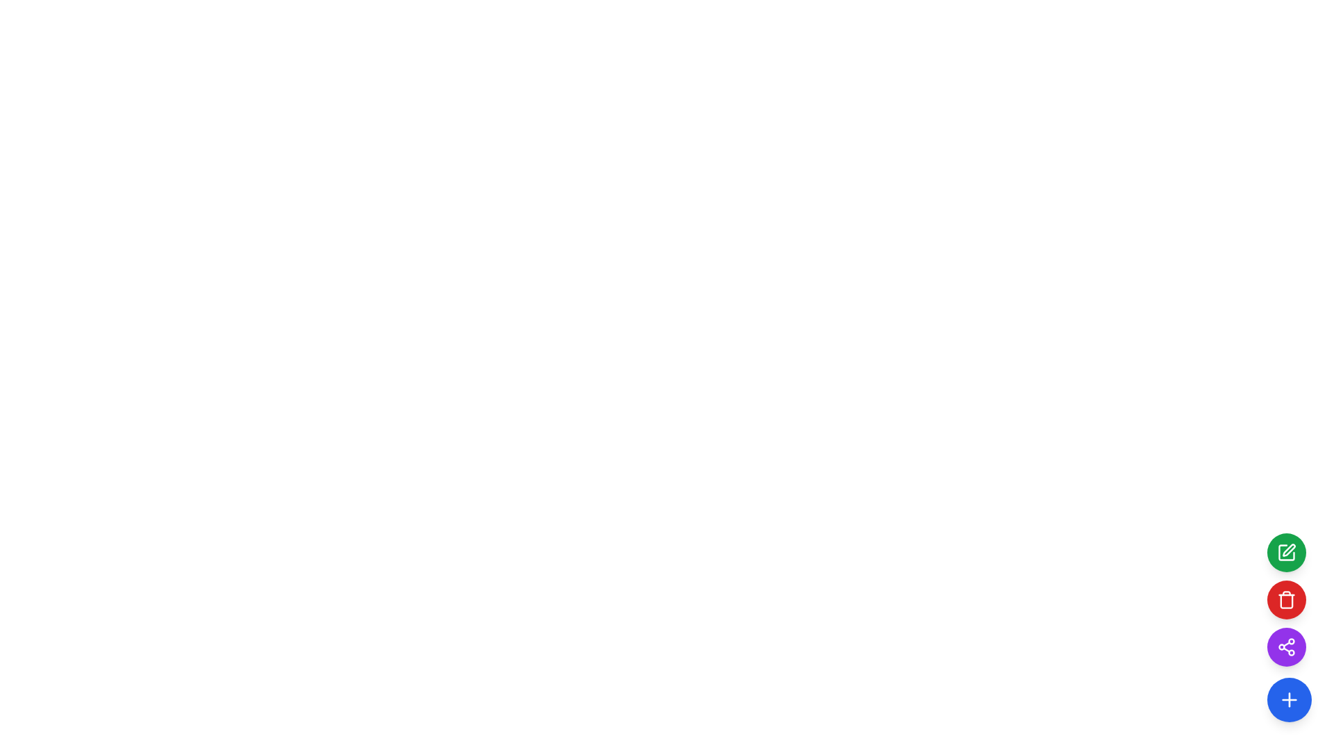  What do you see at coordinates (1286, 551) in the screenshot?
I see `the green circular button at the uppermost position of the vertical stack` at bounding box center [1286, 551].